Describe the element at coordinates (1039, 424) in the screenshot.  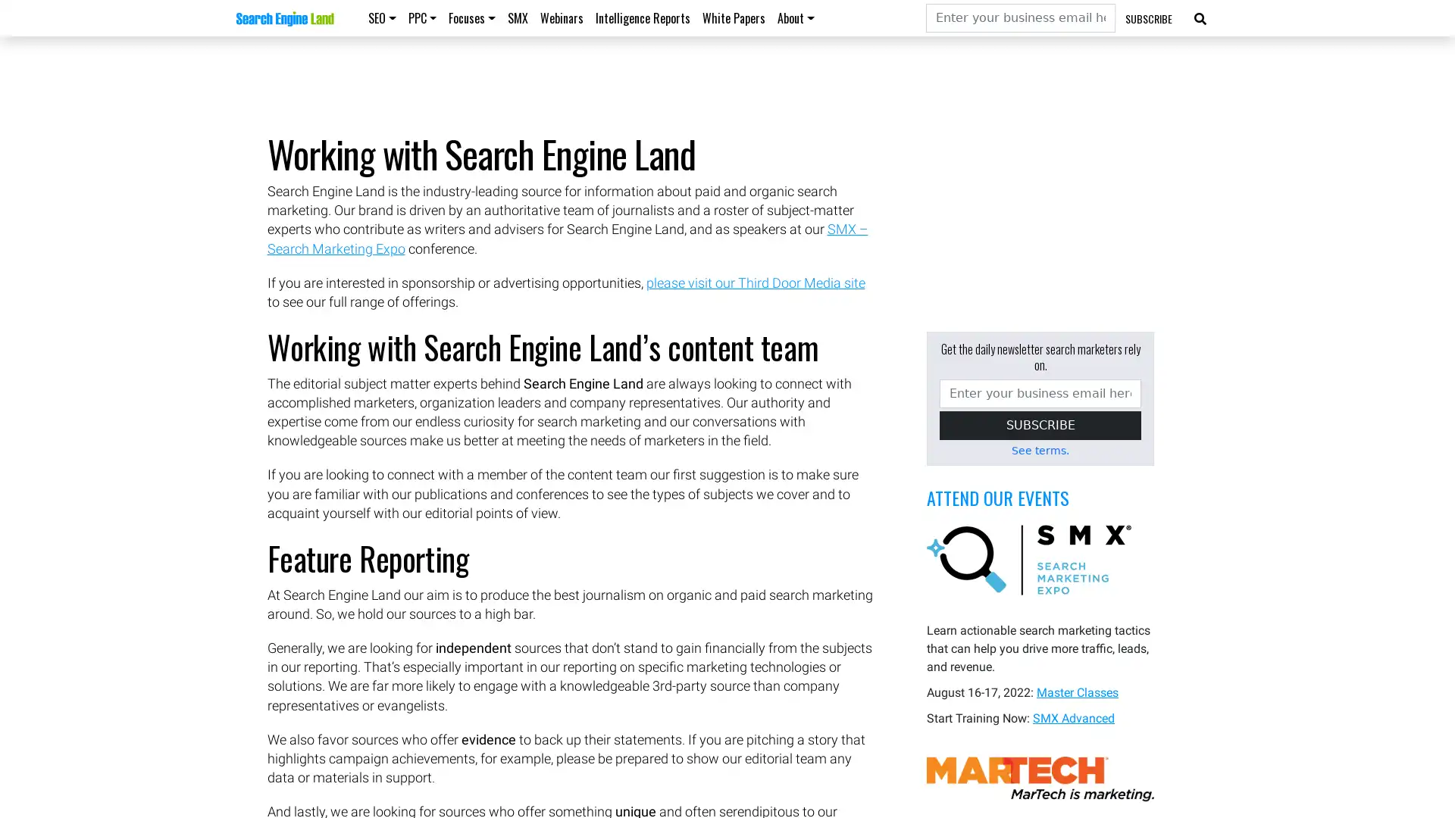
I see `SUBSCRIBE` at that location.